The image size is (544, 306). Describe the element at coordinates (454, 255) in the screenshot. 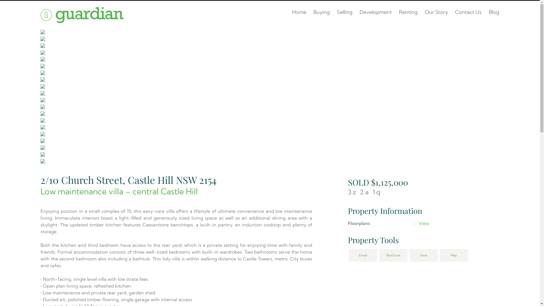

I see `'Map'` at that location.